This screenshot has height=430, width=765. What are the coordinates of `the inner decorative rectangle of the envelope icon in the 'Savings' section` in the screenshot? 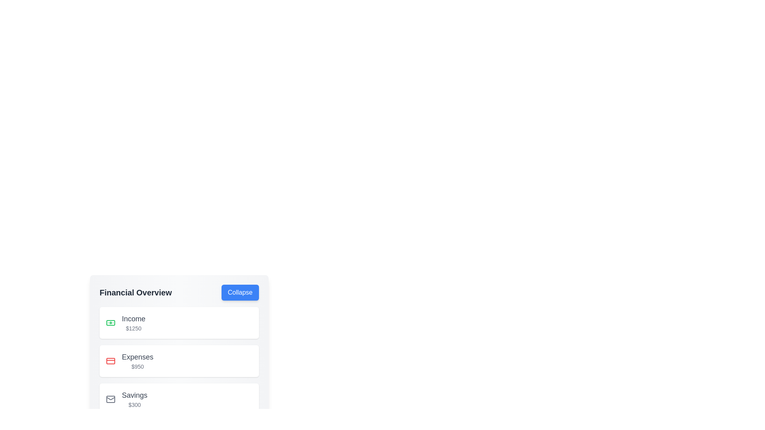 It's located at (110, 399).